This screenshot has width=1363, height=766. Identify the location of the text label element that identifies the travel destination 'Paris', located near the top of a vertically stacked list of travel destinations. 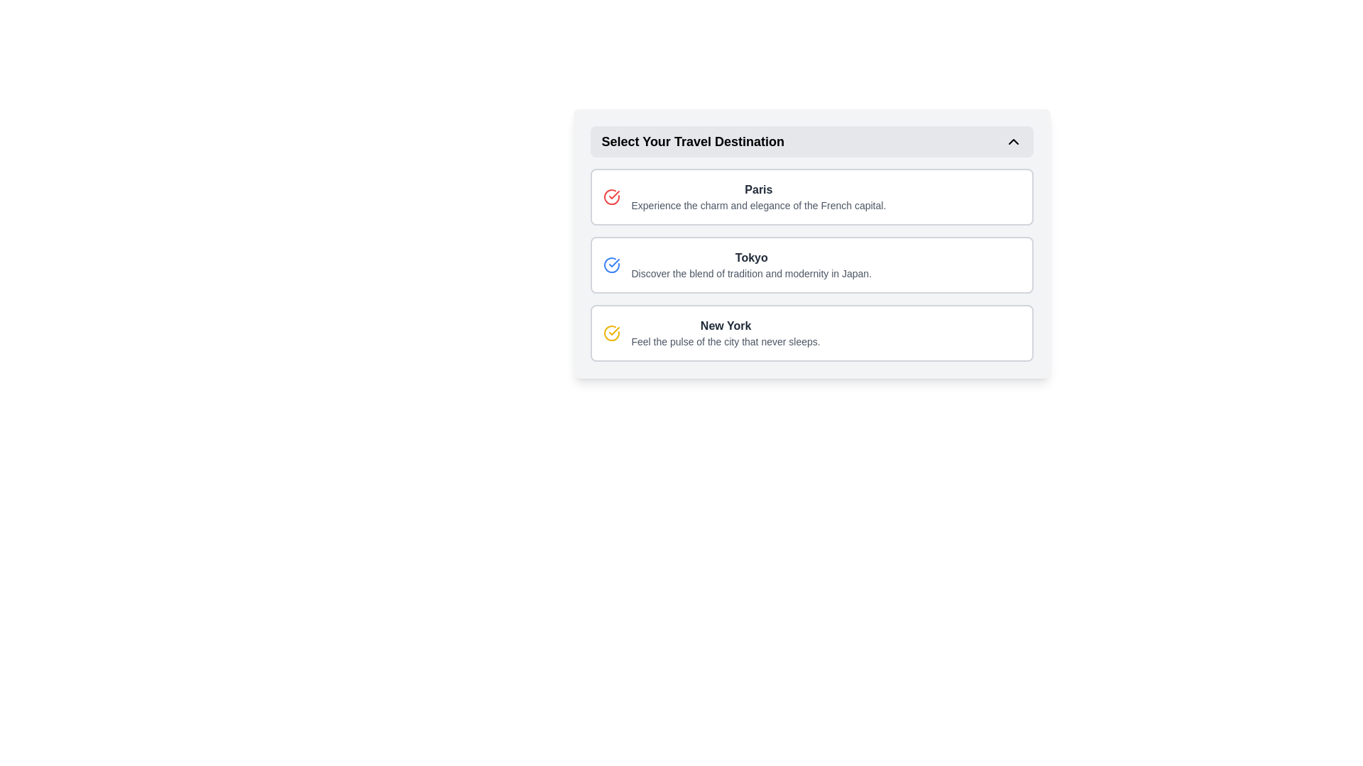
(757, 189).